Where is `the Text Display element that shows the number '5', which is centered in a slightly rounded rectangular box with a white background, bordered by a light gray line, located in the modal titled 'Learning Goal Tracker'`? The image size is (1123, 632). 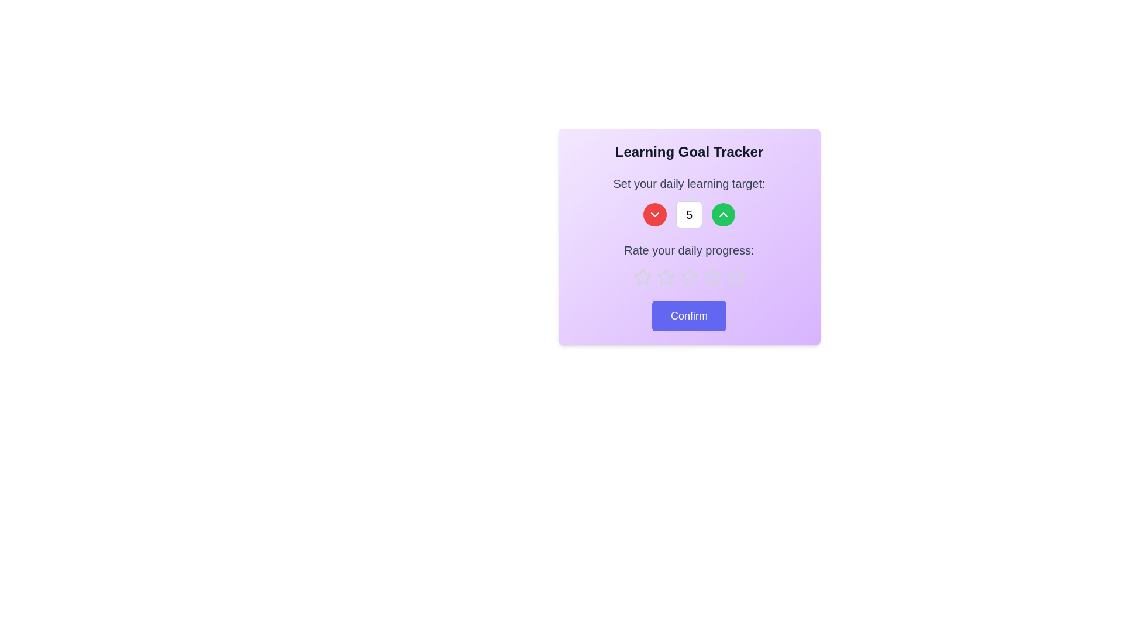 the Text Display element that shows the number '5', which is centered in a slightly rounded rectangular box with a white background, bordered by a light gray line, located in the modal titled 'Learning Goal Tracker' is located at coordinates (689, 214).